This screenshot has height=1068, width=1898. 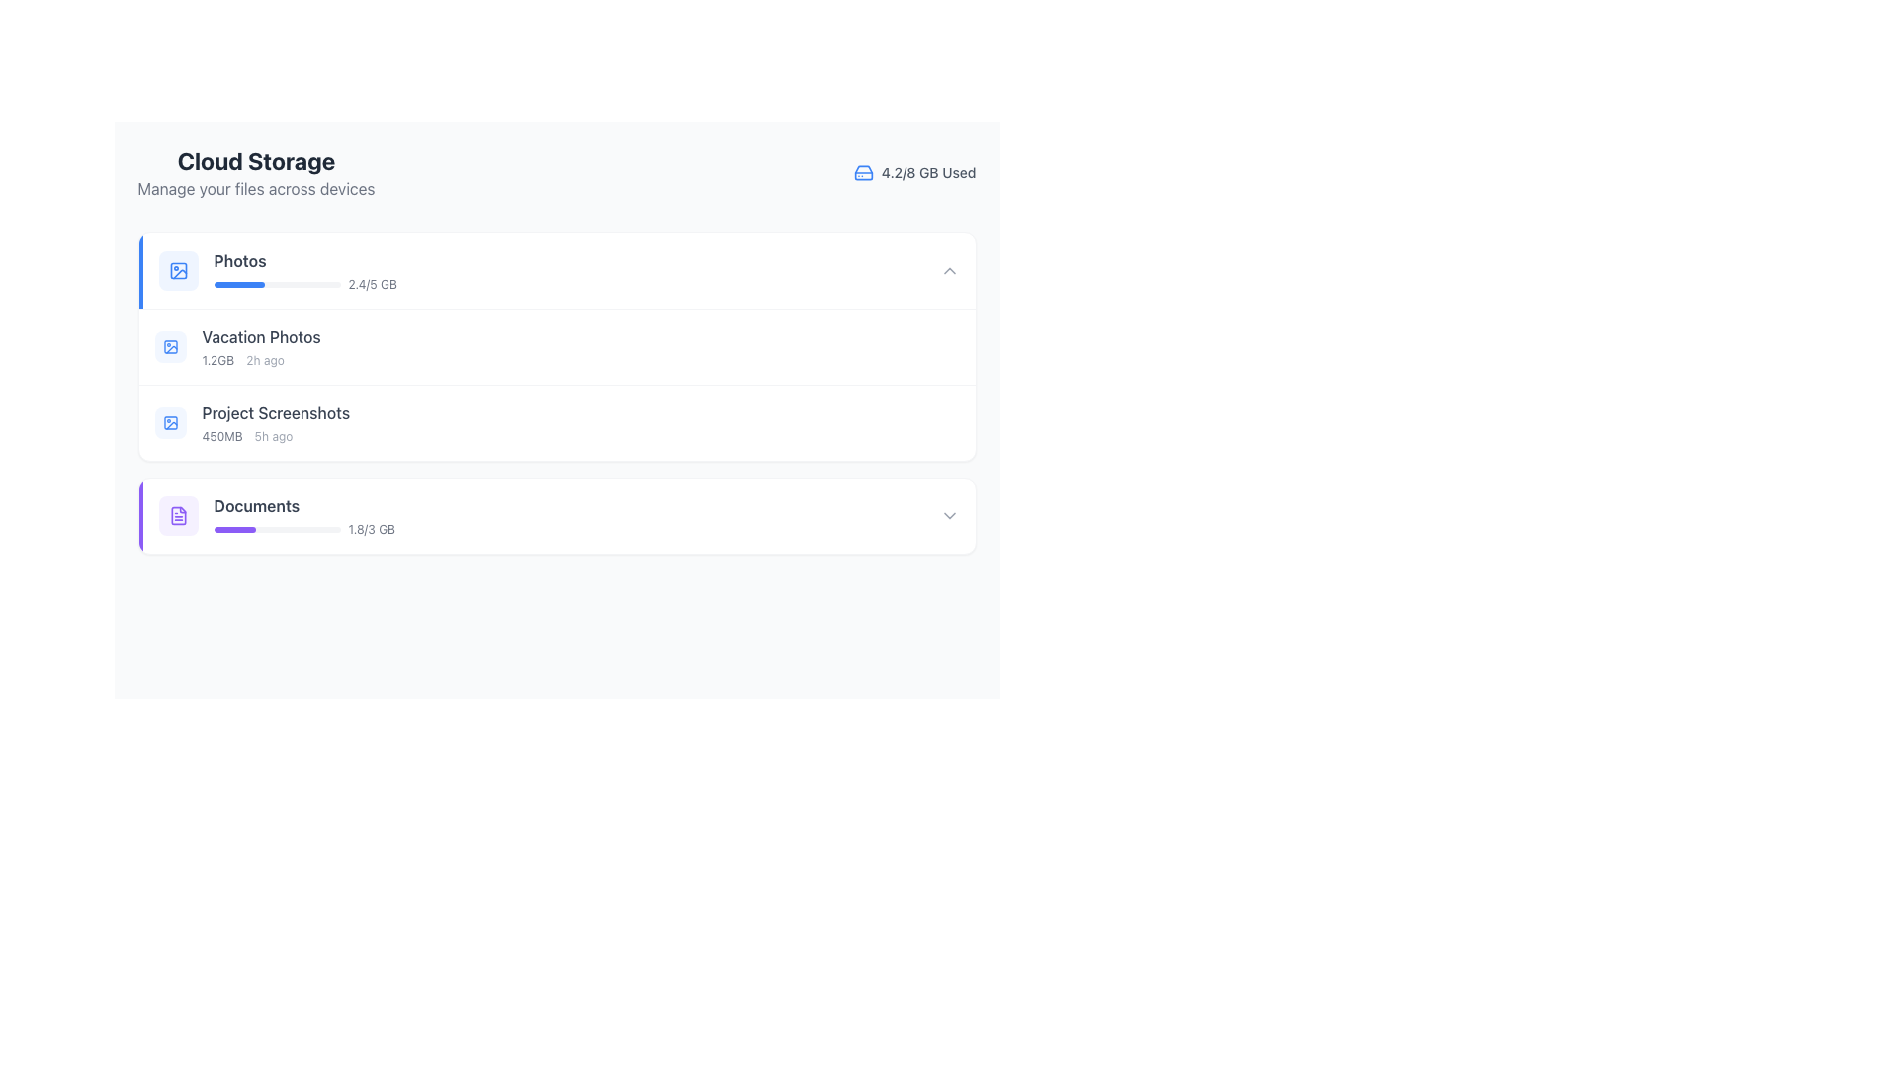 I want to click on the hard drive icon located in the top right corner of the page, which is styled with clean lines and a blue outline, positioned immediately to the left of the text '4.2/8 GB Used', so click(x=863, y=171).